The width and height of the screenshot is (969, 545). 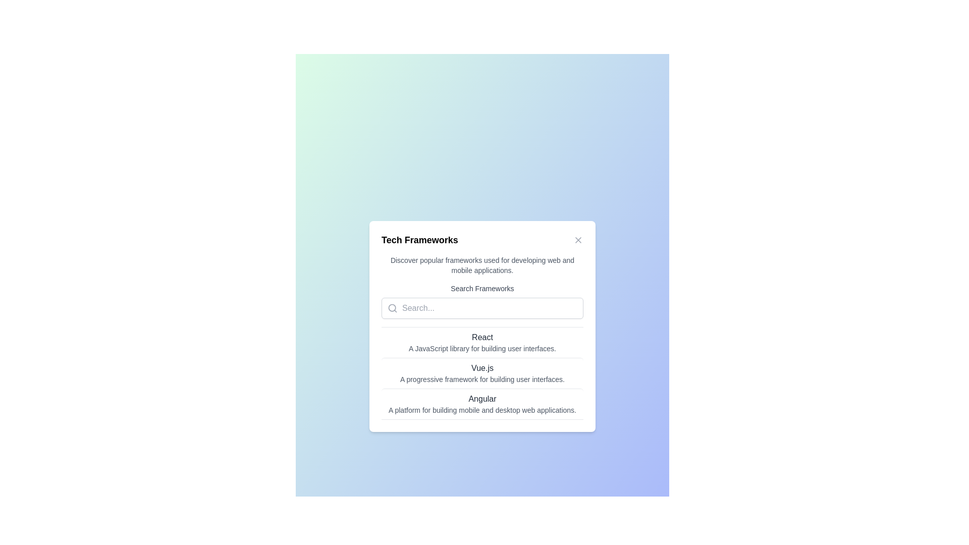 I want to click on the descriptive text that reads 'A JavaScript library for building user interfaces.' which is styled with a smaller font size and gray color, located directly below the title 'React', so click(x=481, y=348).